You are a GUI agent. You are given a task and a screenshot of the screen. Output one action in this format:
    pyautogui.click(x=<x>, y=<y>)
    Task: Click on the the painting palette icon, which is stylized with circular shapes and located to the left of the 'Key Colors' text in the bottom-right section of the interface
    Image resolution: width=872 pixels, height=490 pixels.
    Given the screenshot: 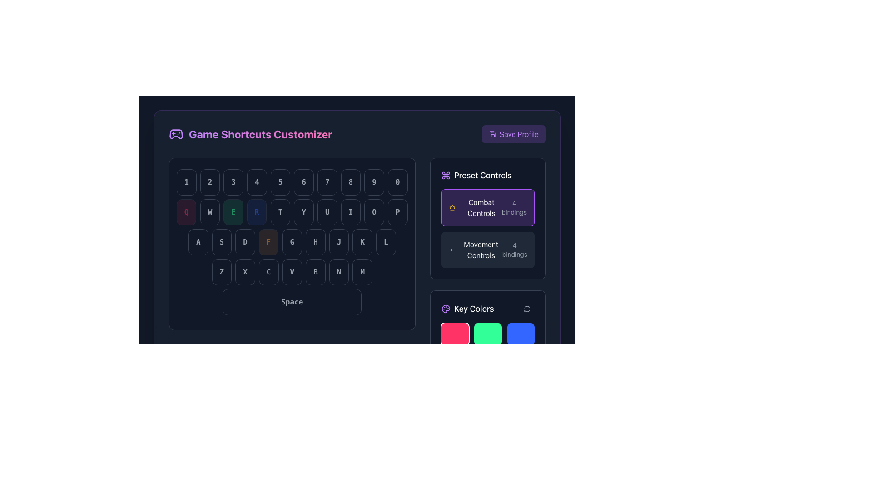 What is the action you would take?
    pyautogui.click(x=446, y=309)
    